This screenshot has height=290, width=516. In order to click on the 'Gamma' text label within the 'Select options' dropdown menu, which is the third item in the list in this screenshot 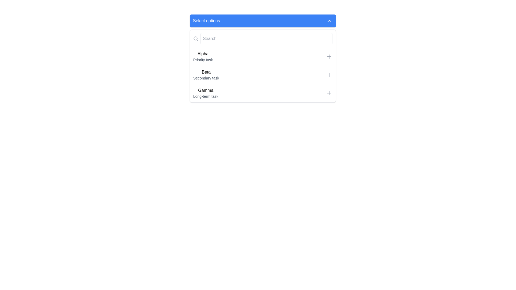, I will do `click(205, 90)`.